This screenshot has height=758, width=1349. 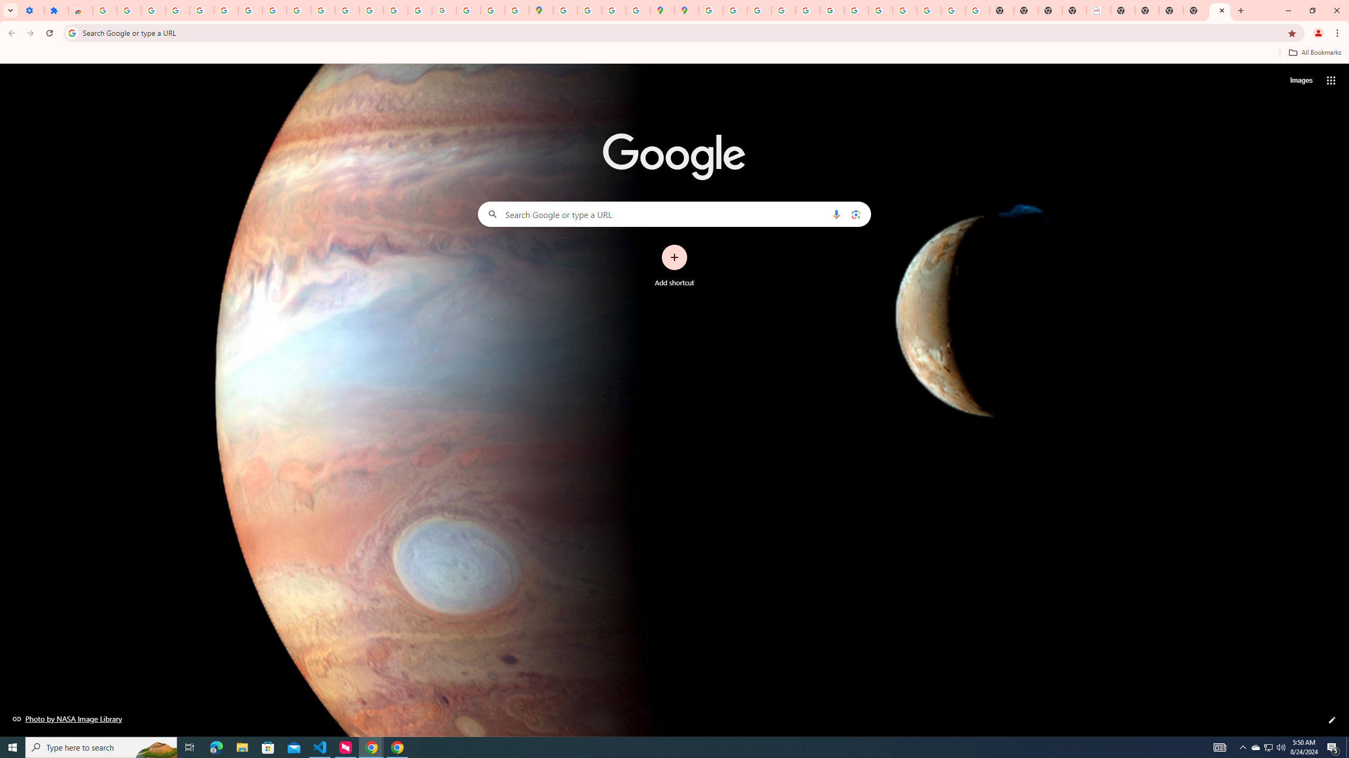 I want to click on 'Photo by NASA Image Library', so click(x=67, y=718).